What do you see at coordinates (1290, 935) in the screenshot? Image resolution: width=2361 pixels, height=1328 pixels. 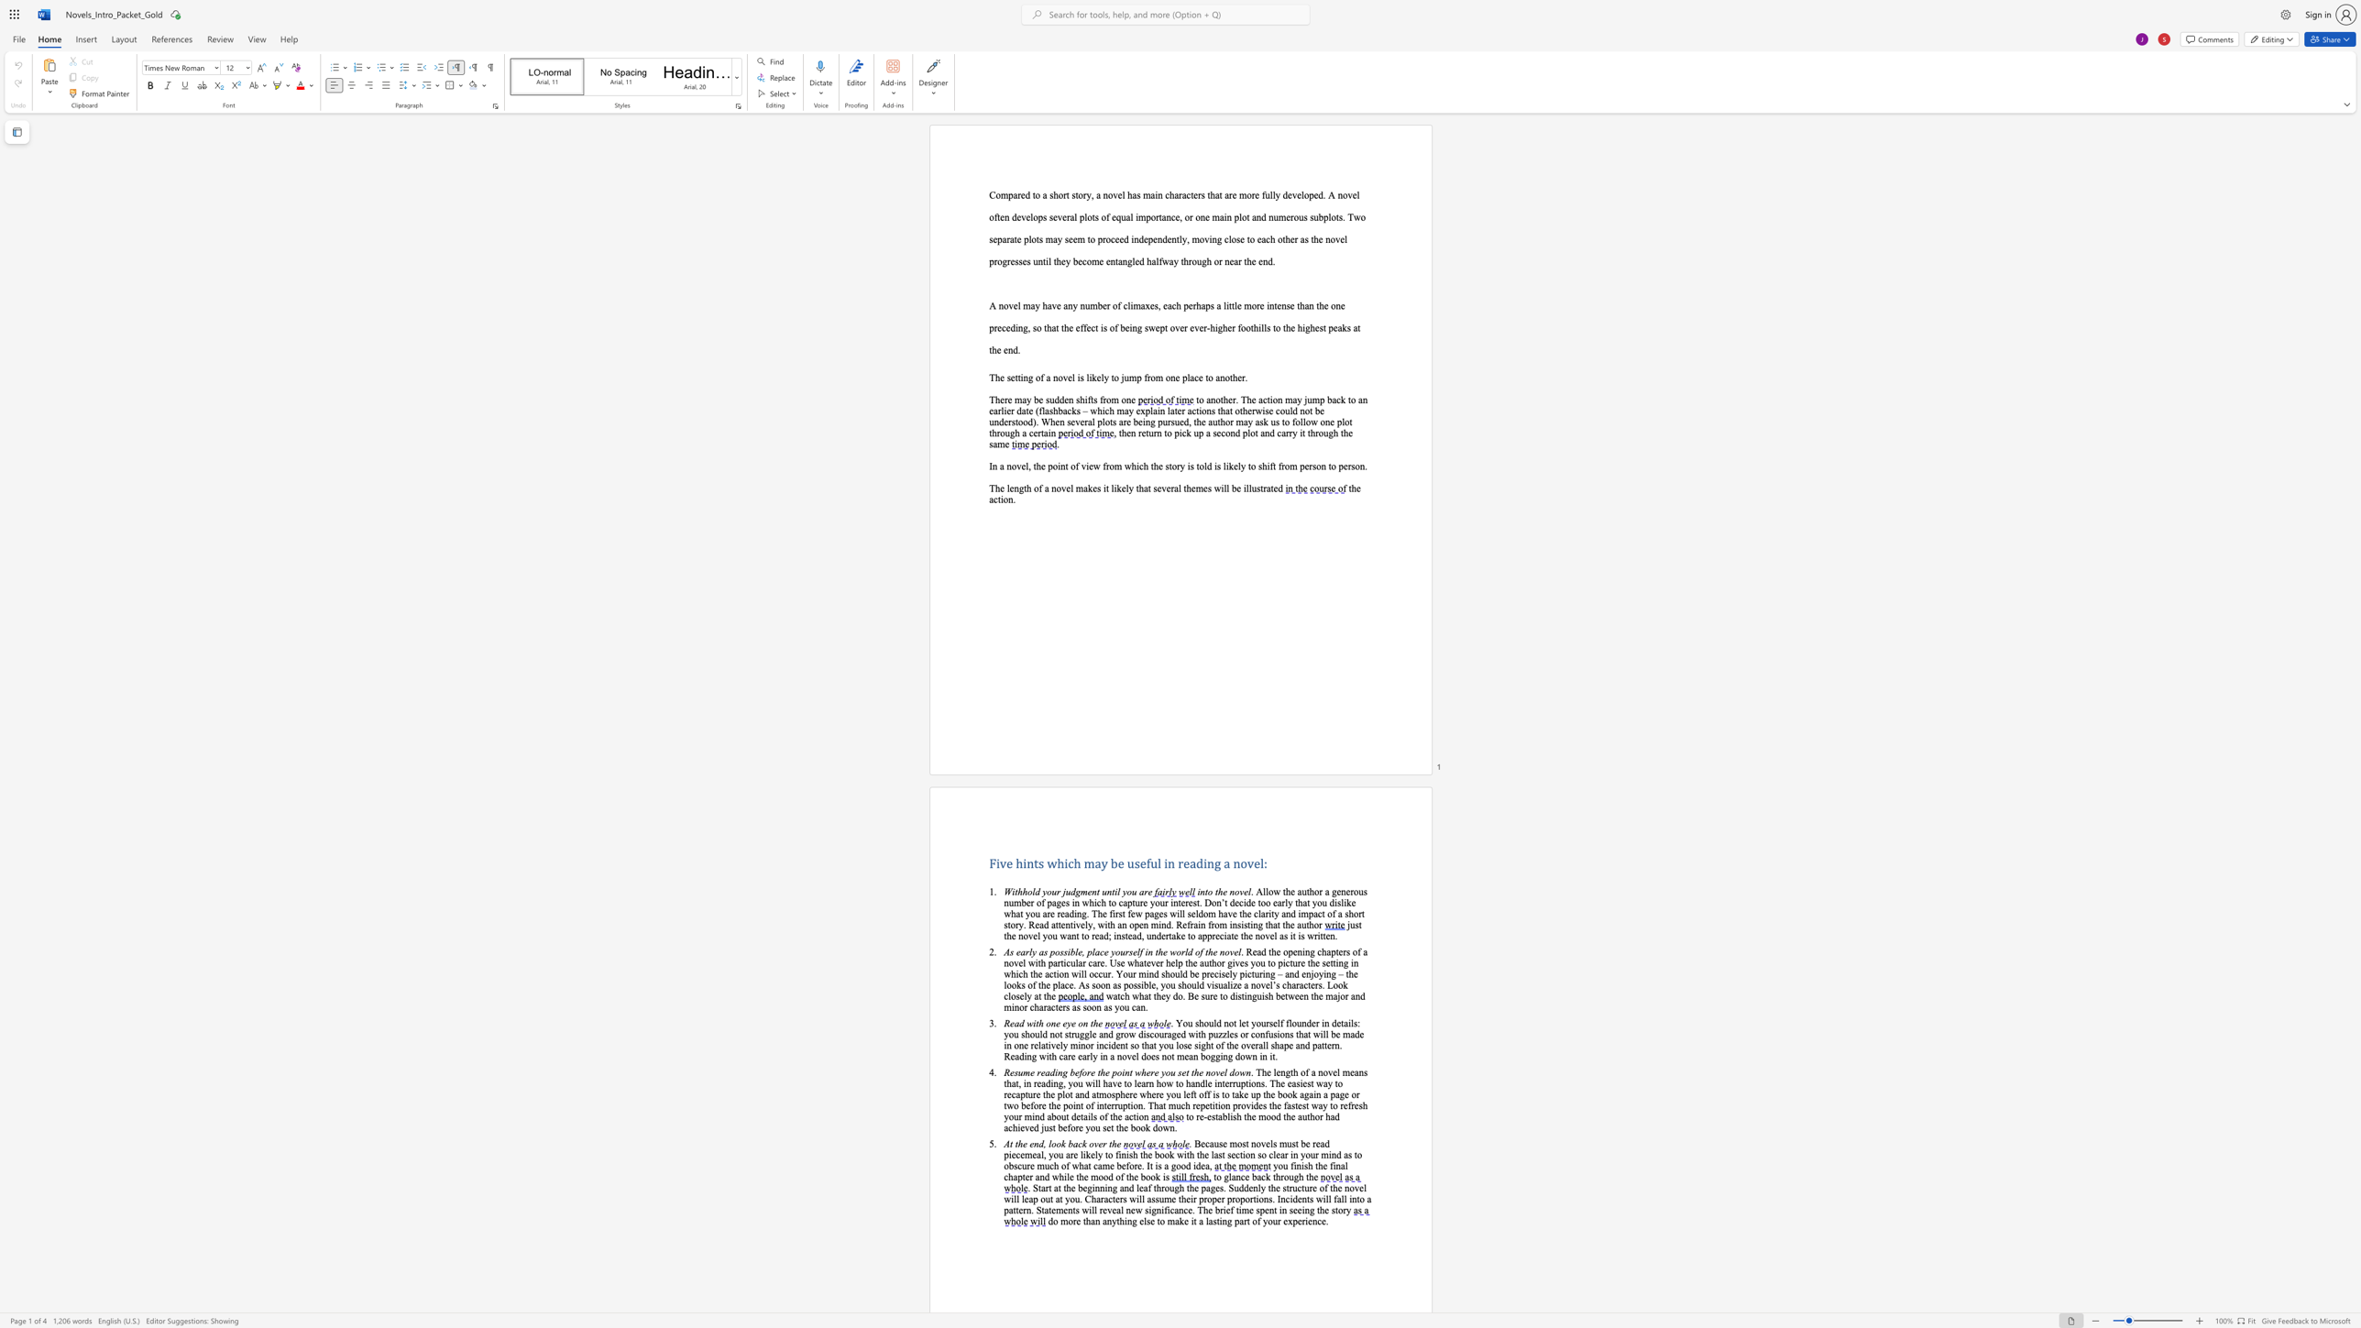 I see `the subset text "it i" within the text "just the novel you want to read; instead, undertake to appreciate the novel as it is written."` at bounding box center [1290, 935].